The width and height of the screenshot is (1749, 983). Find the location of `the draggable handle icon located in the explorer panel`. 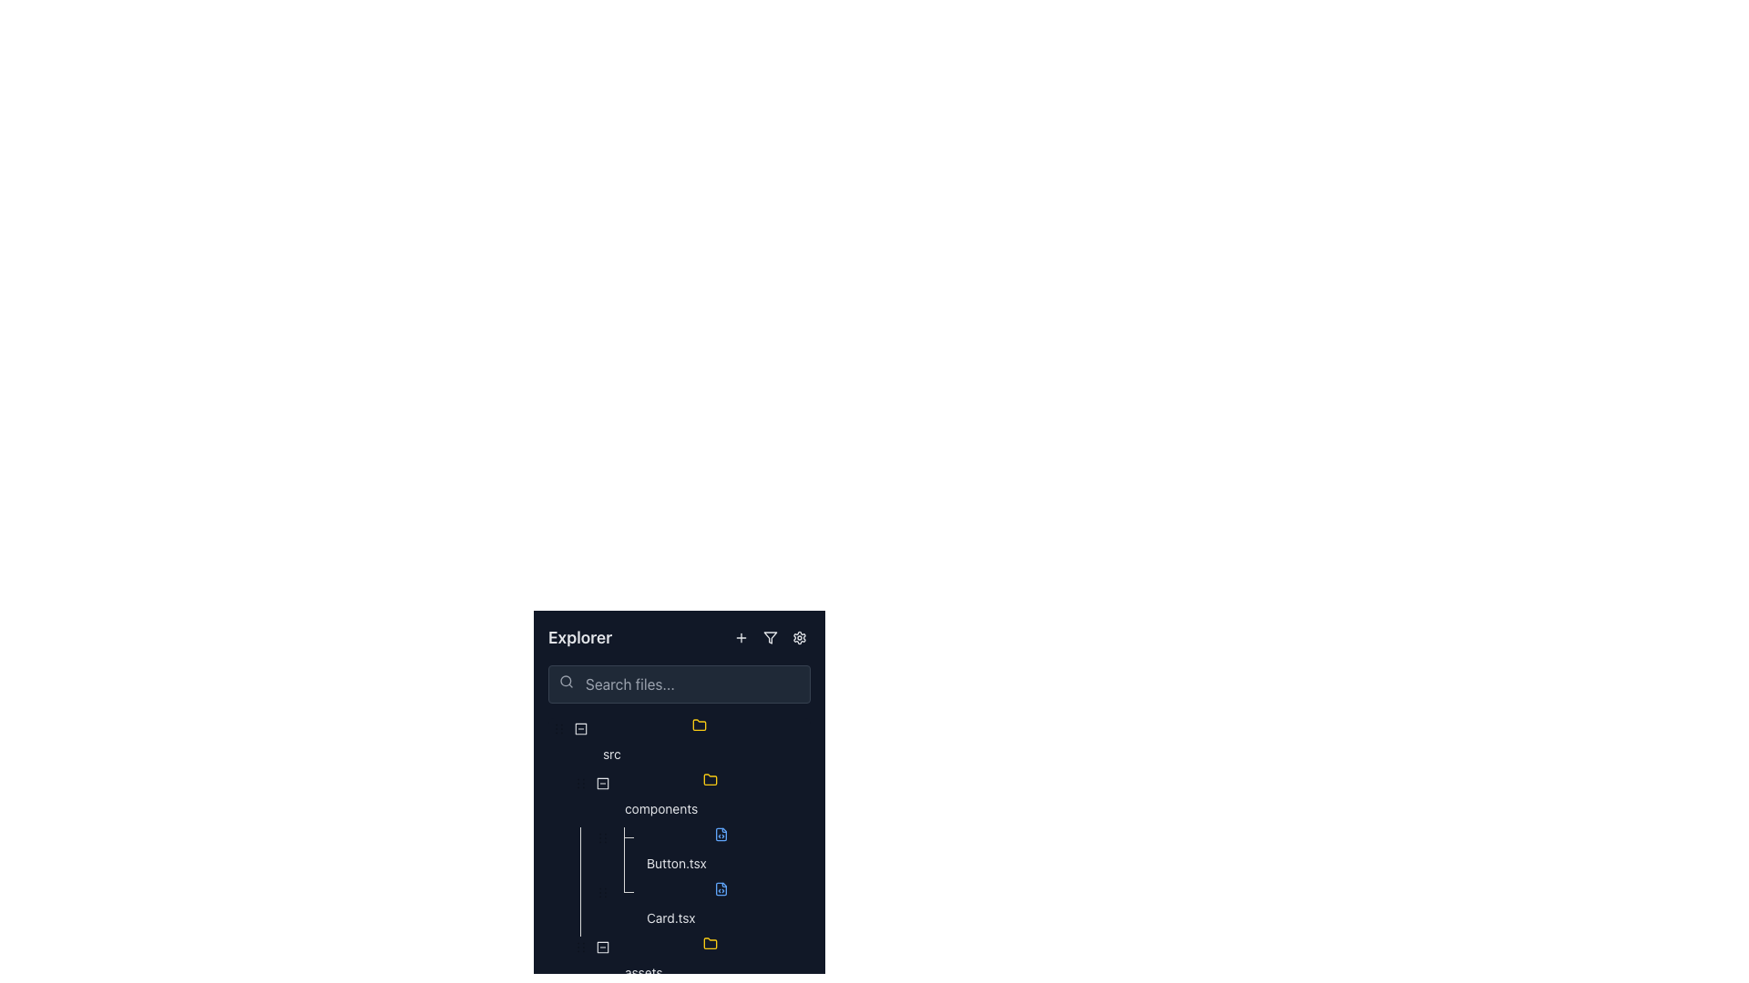

the draggable handle icon located in the explorer panel is located at coordinates (603, 838).